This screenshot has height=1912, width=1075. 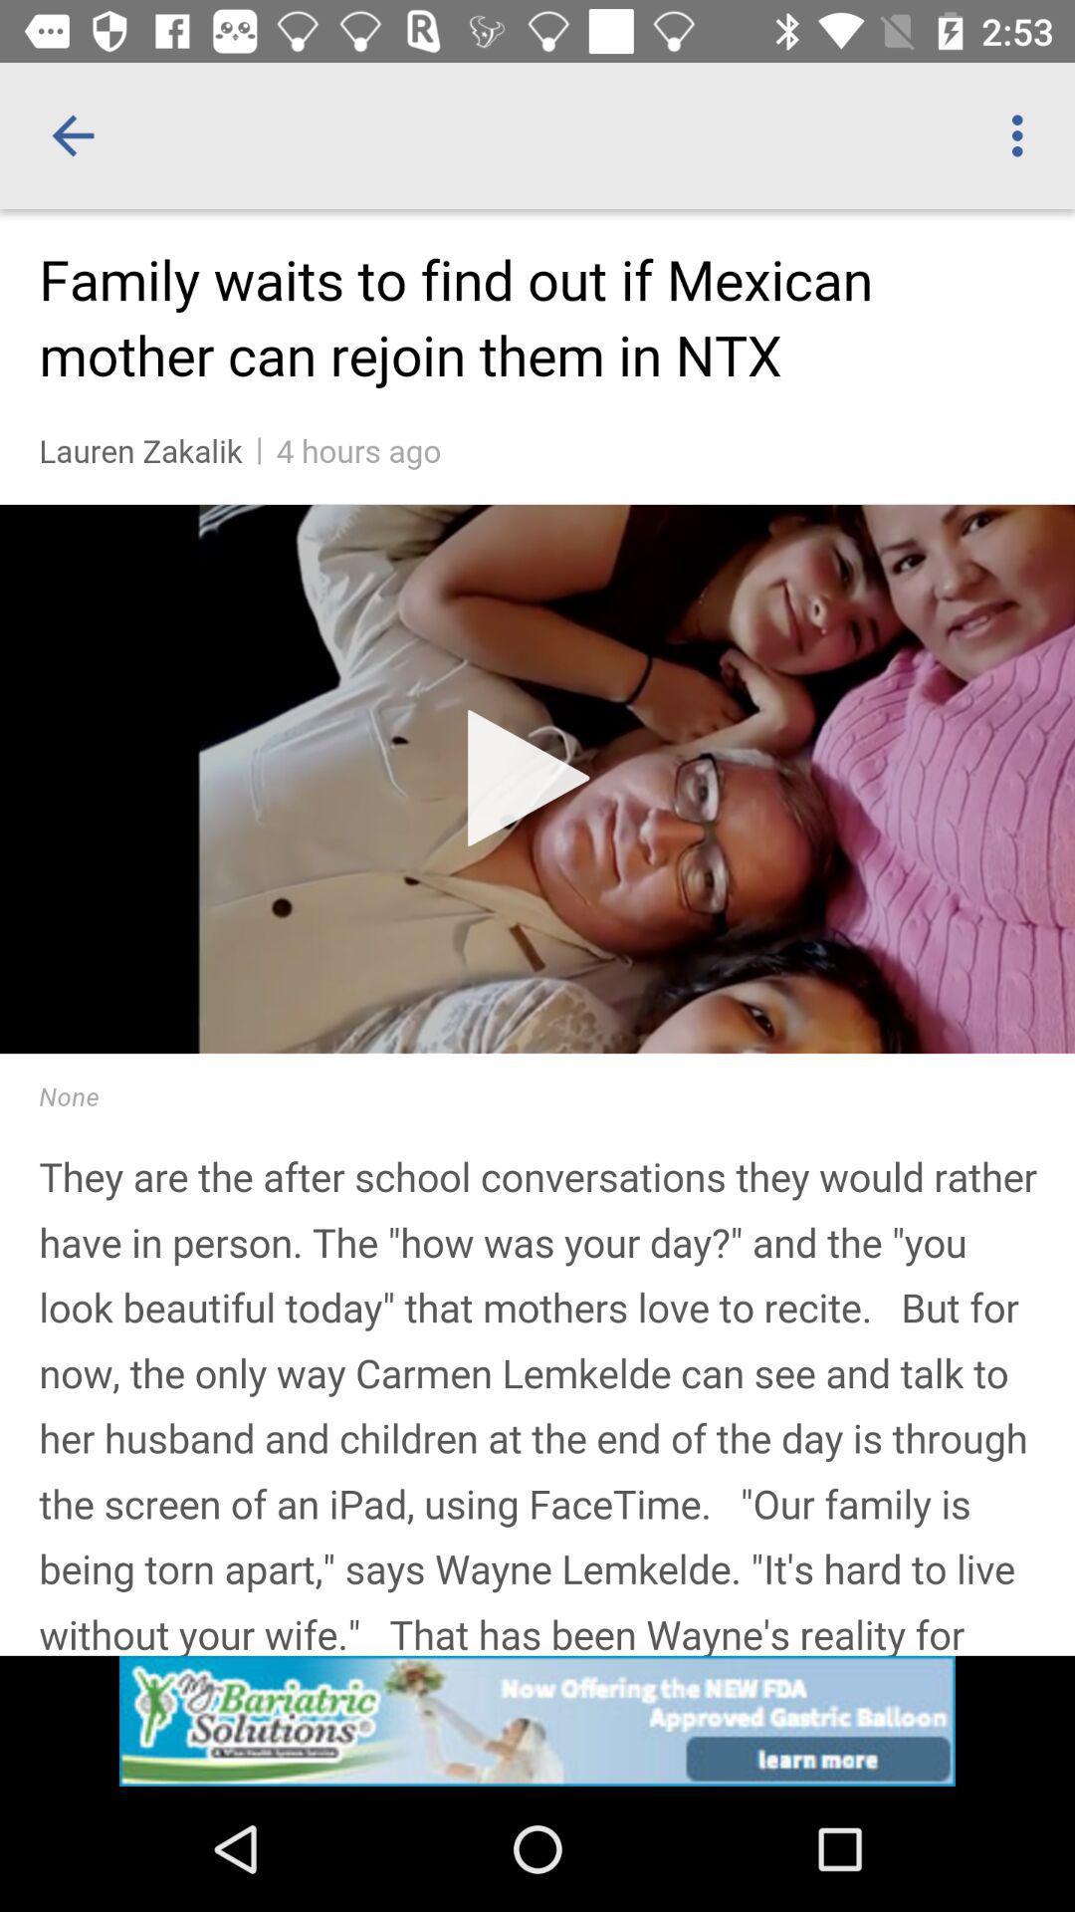 What do you see at coordinates (537, 998) in the screenshot?
I see `content area` at bounding box center [537, 998].